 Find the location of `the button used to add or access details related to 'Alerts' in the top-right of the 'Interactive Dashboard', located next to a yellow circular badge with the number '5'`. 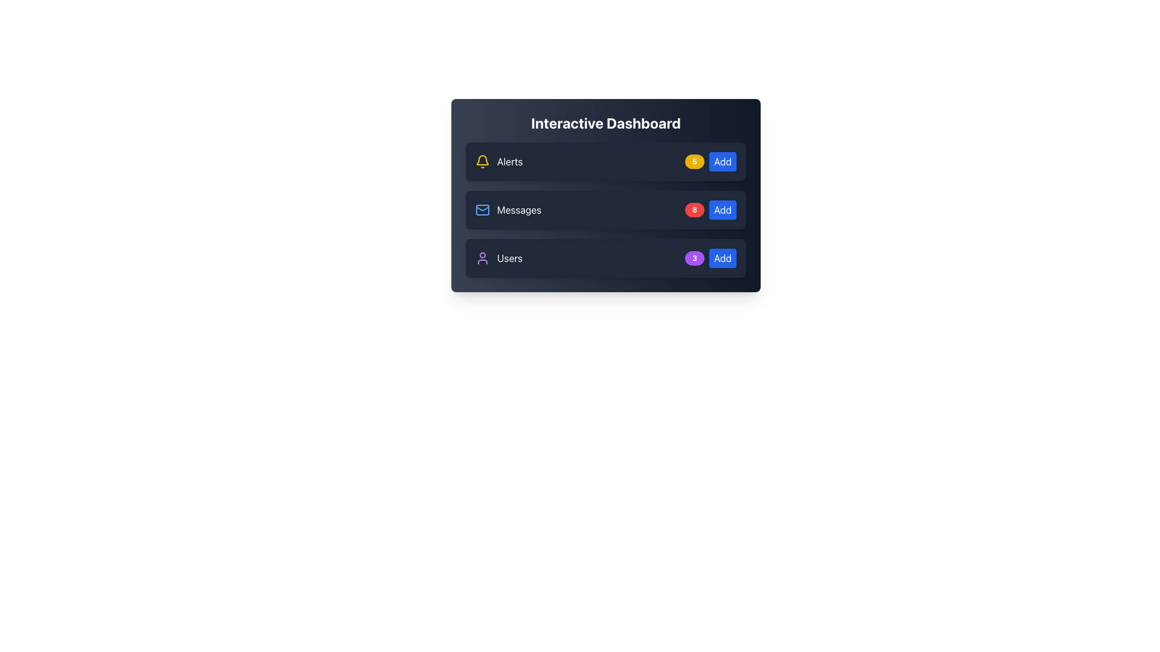

the button used to add or access details related to 'Alerts' in the top-right of the 'Interactive Dashboard', located next to a yellow circular badge with the number '5' is located at coordinates (723, 161).